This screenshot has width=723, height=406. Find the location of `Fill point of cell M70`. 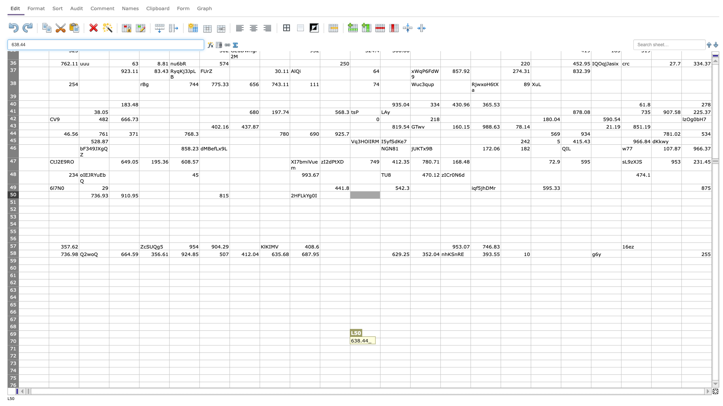

Fill point of cell M70 is located at coordinates (410, 345).